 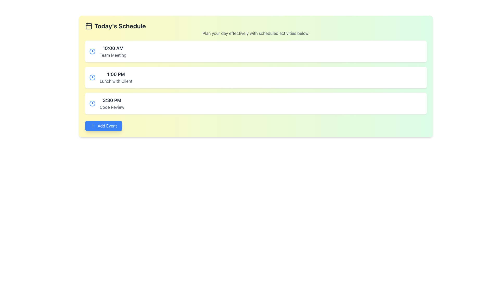 I want to click on the 'Code Review' text label that indicates an event scheduled at 3:30 PM, located to the right of the schedule icon and aligned under '3:30 PM', so click(x=112, y=107).